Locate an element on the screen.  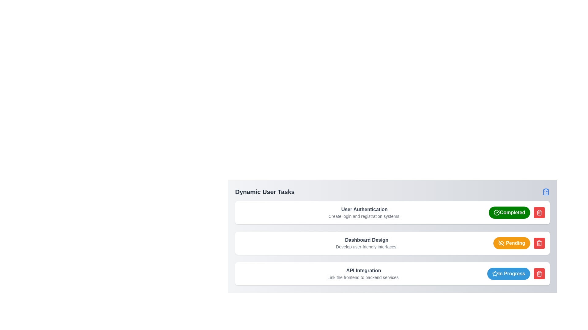
the blue star-shaped outline icon that indicates the 'In Progress' status for the 'API Integration' task at the bottom of the interface is located at coordinates (495, 273).